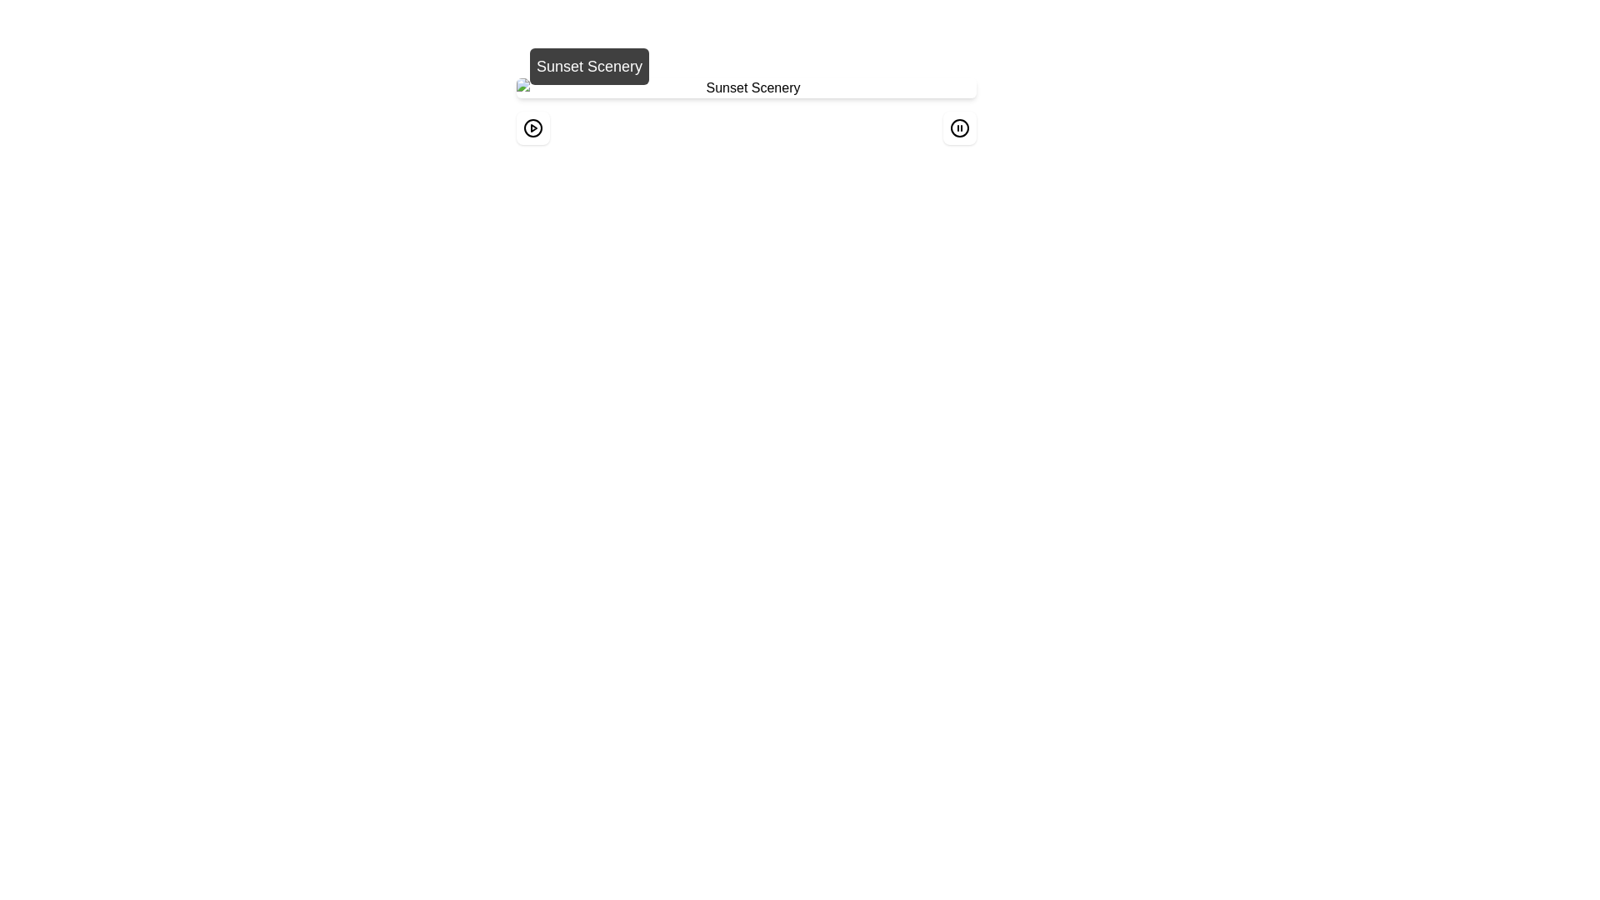 The image size is (1600, 900). Describe the element at coordinates (960, 127) in the screenshot. I see `the circular SVG shape that is part of the 'circle-pause' icon located in the top-center-right of the layout, positioned before the text 'Sunset Scenery'` at that location.